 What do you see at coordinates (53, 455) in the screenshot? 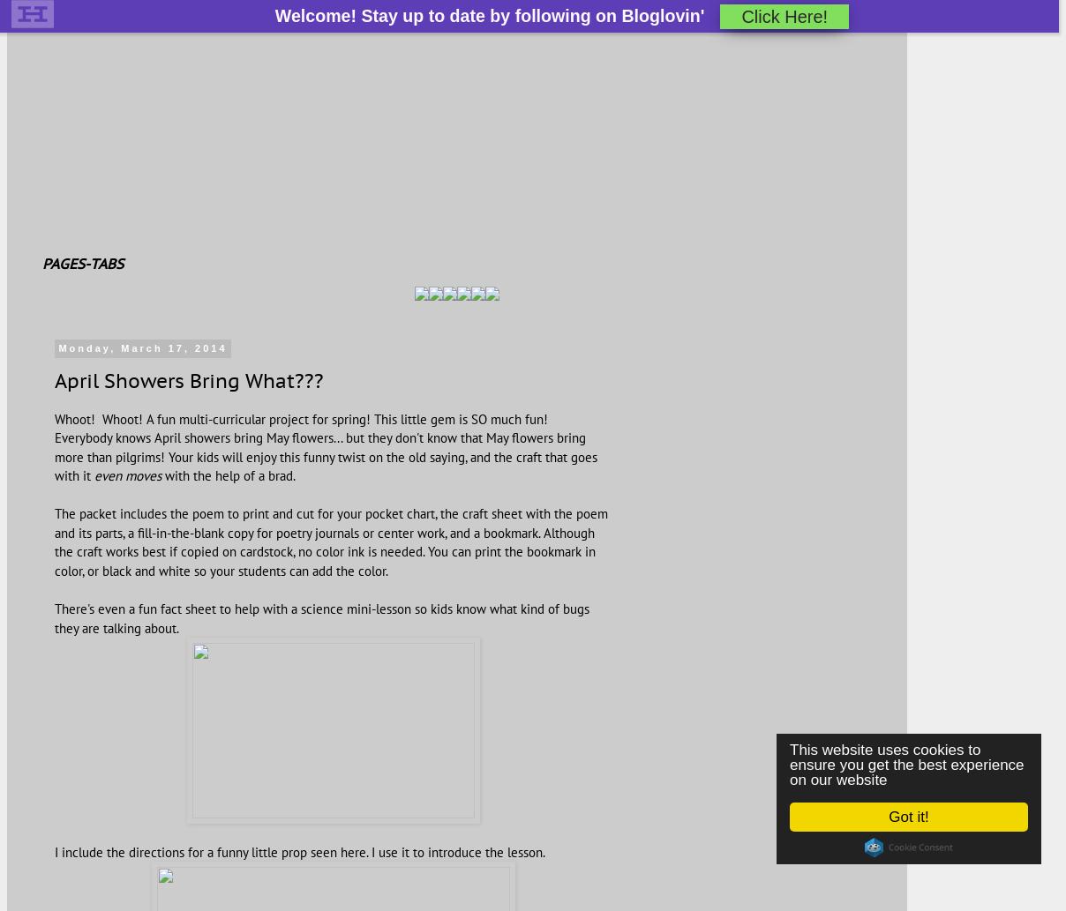
I see `'Everybody knows April showers bring May flowers... but they don't know that May flowers bring more than pilgrims! Your kids will enjoy this funny twist on the old saying, and the craft that goes with it'` at bounding box center [53, 455].